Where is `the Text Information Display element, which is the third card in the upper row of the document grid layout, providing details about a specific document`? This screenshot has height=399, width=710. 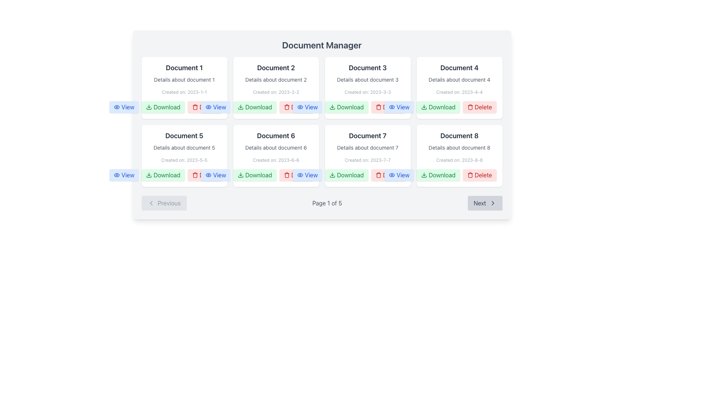
the Text Information Display element, which is the third card in the upper row of the document grid layout, providing details about a specific document is located at coordinates (368, 79).